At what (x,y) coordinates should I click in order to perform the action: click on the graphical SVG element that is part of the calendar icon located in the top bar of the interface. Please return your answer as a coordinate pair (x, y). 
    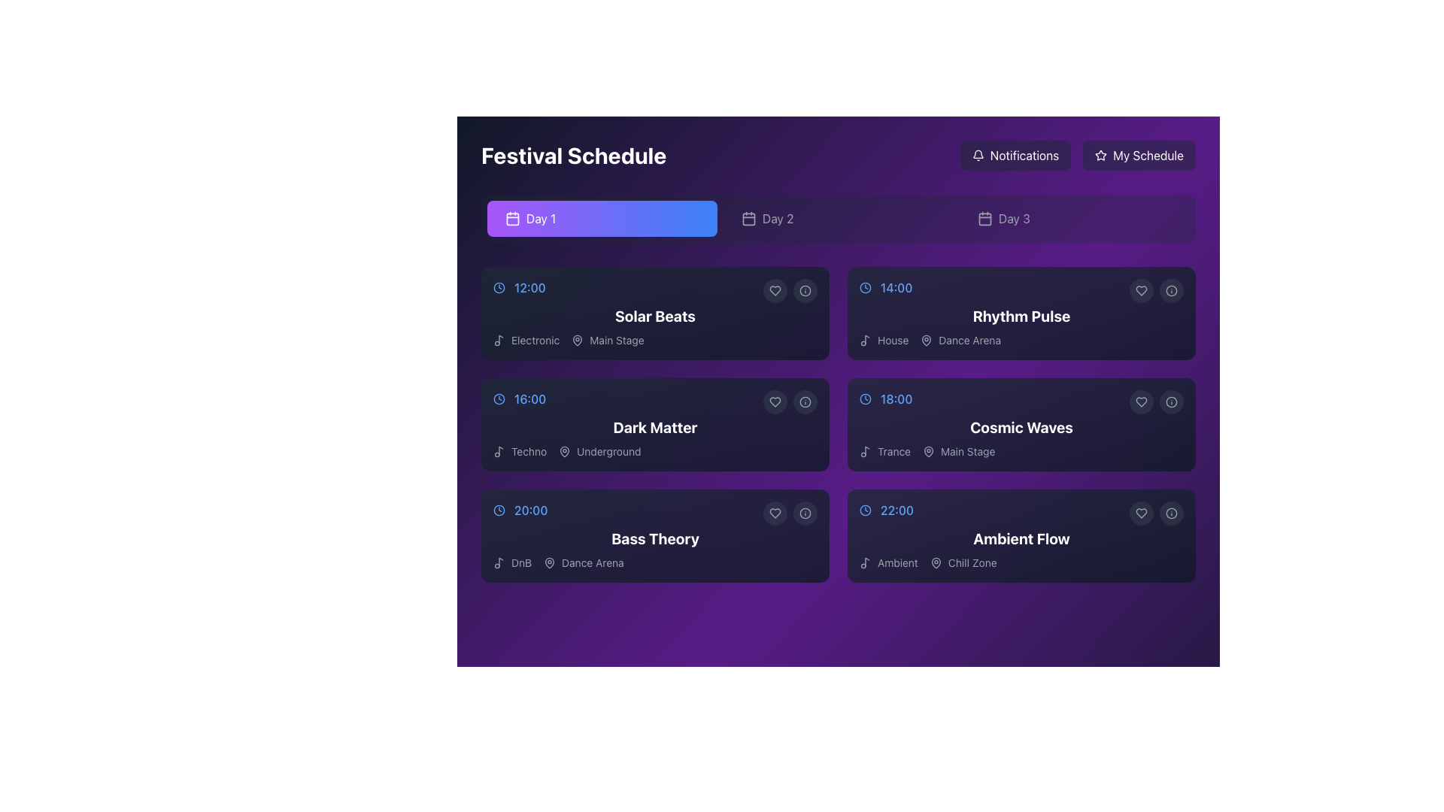
    Looking at the image, I should click on (749, 218).